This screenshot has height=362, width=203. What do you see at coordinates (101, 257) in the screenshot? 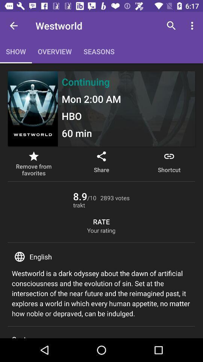
I see `english item` at bounding box center [101, 257].